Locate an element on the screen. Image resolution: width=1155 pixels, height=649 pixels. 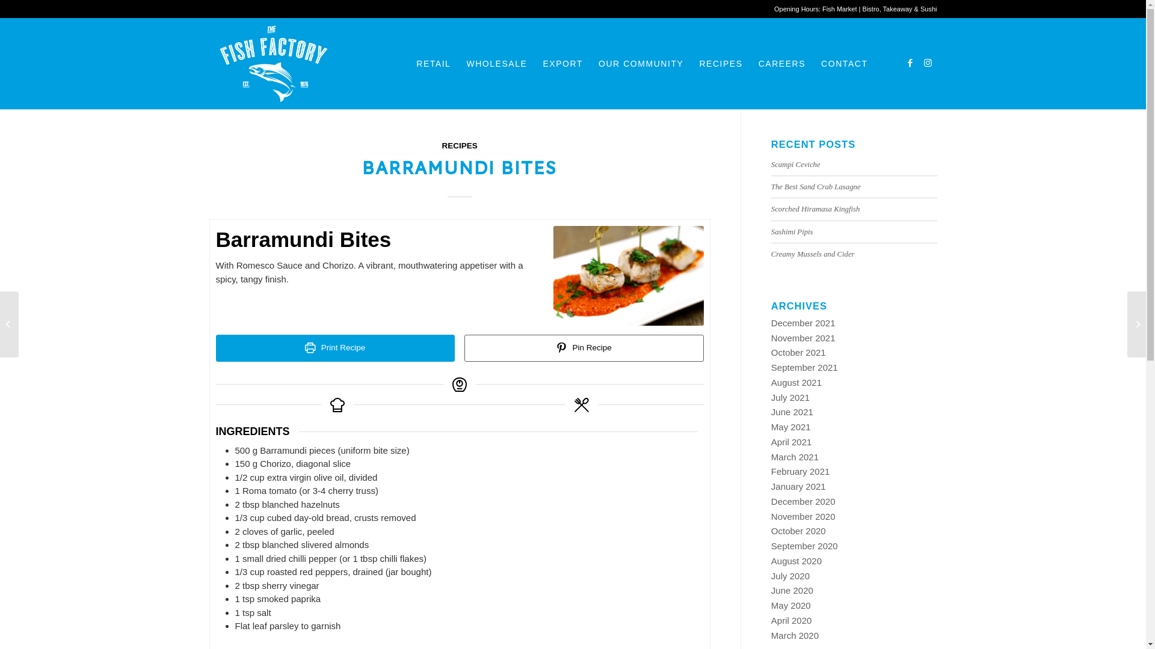
'Sashimi Pipis' is located at coordinates (792, 231).